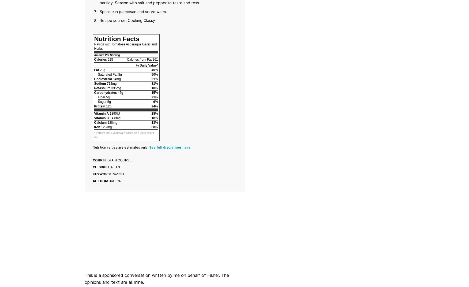 This screenshot has height=287, width=469. What do you see at coordinates (105, 92) in the screenshot?
I see `'Carbohydrates'` at bounding box center [105, 92].